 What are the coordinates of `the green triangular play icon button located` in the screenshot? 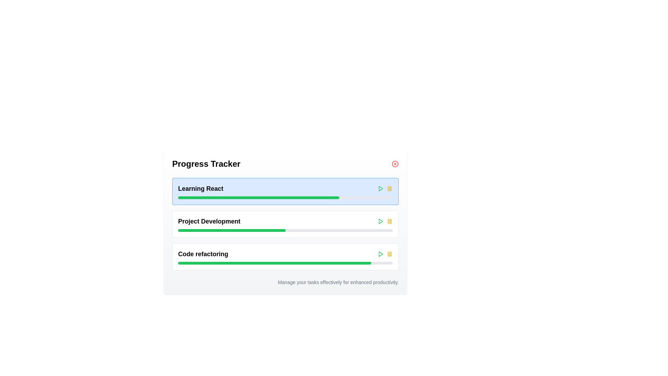 It's located at (380, 189).